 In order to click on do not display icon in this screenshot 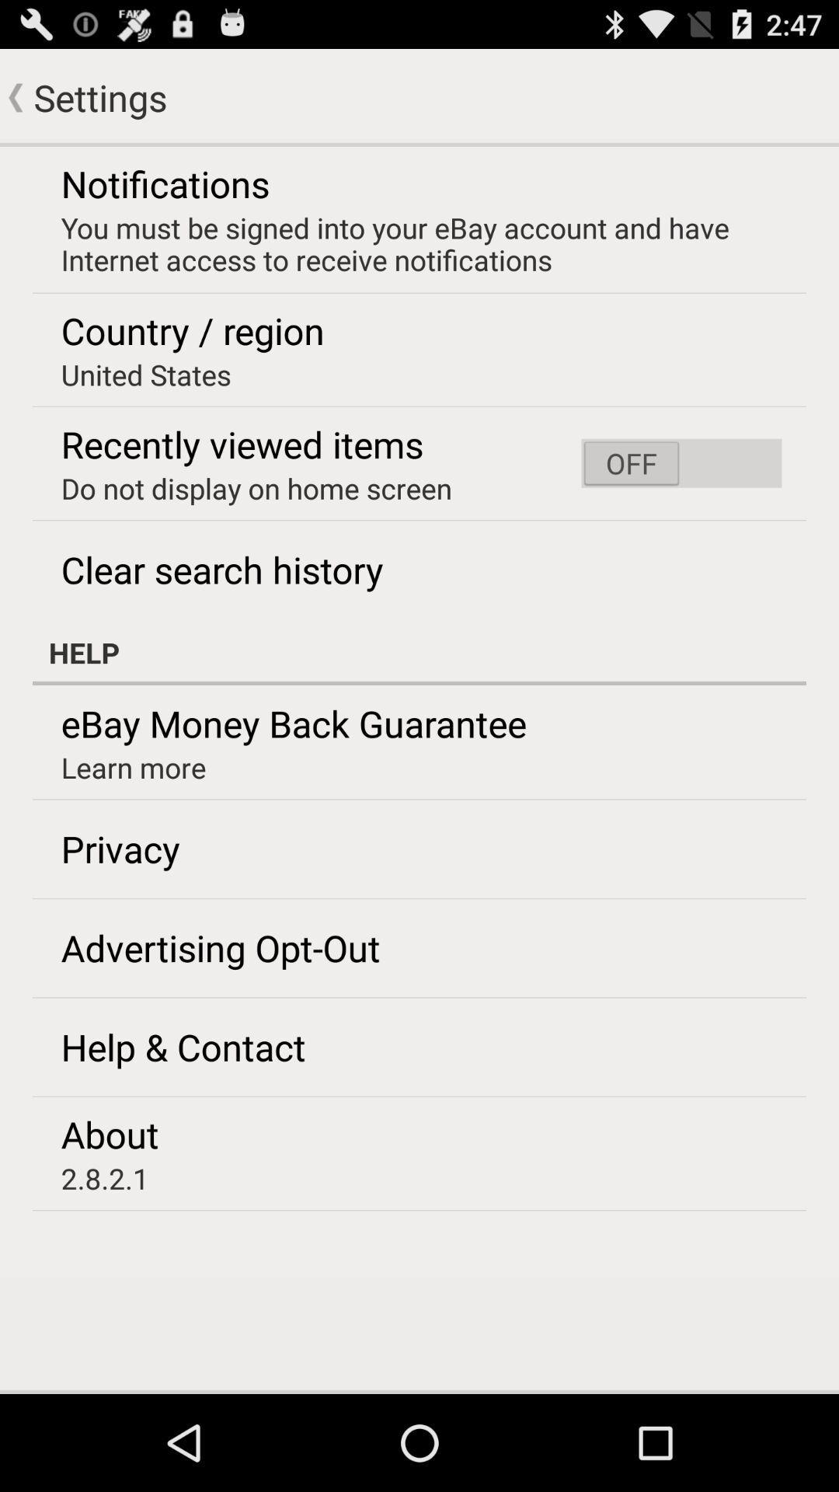, I will do `click(256, 487)`.